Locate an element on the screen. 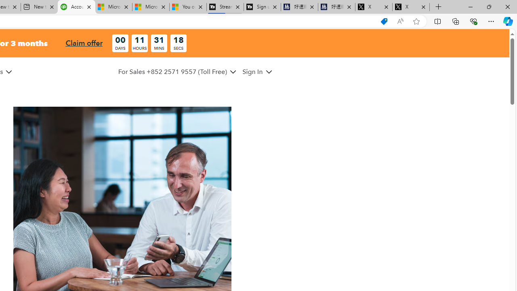  'Class: MenuItem_dDown__f585abf6 MenuItem_white__f585abf6' is located at coordinates (269, 72).